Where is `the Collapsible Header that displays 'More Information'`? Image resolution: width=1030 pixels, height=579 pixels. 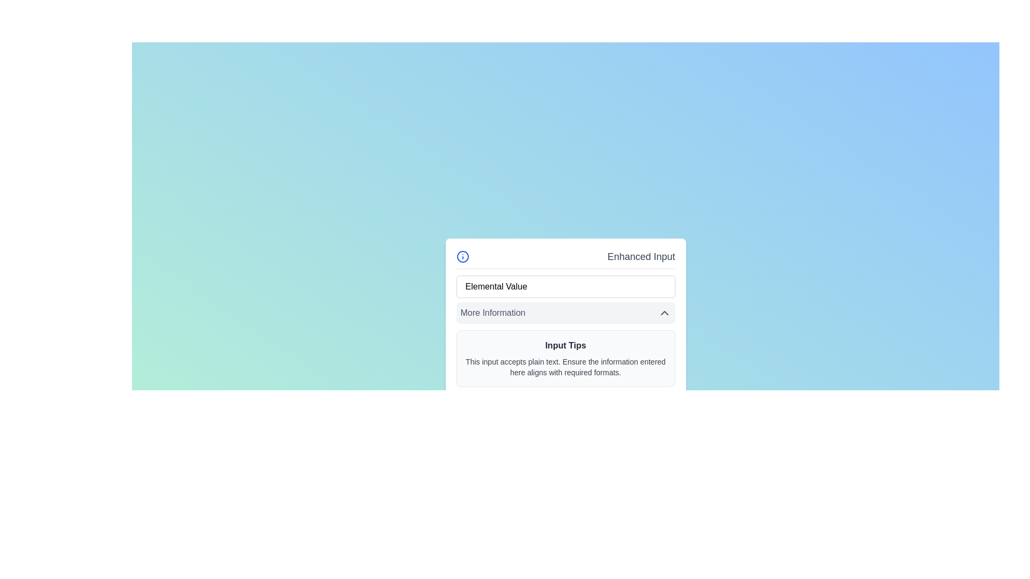 the Collapsible Header that displays 'More Information' is located at coordinates (565, 313).